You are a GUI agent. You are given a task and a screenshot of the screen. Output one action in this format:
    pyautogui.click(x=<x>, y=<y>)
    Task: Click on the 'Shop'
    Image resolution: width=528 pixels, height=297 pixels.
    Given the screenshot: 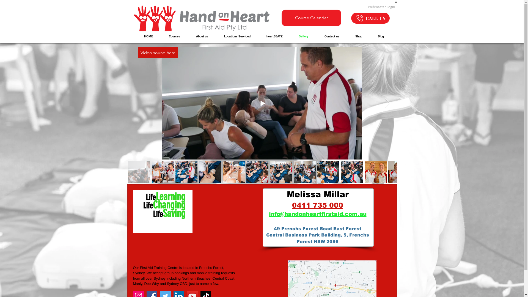 What is the action you would take?
    pyautogui.click(x=358, y=36)
    